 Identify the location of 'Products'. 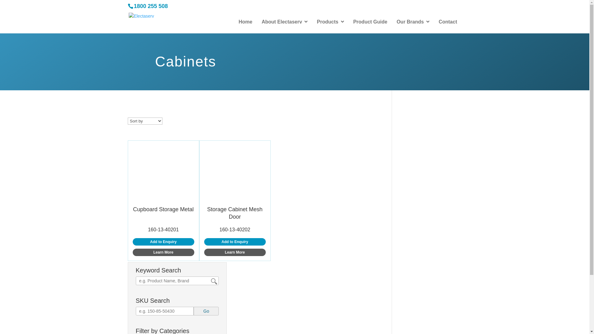
(312, 22).